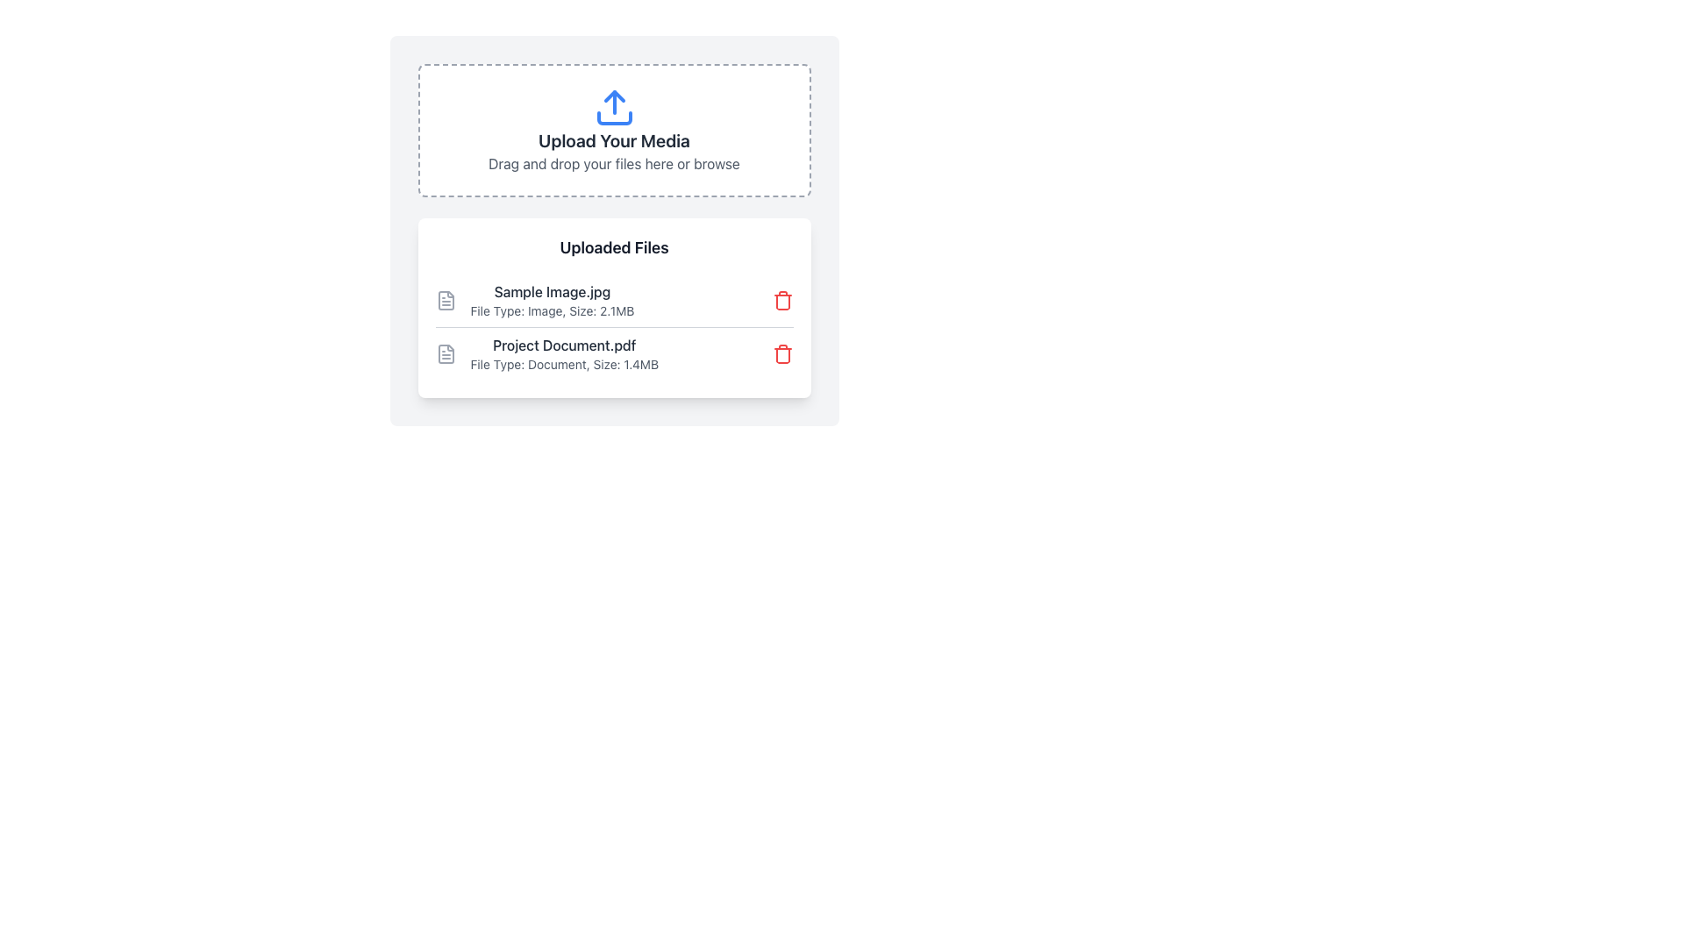 This screenshot has height=947, width=1684. What do you see at coordinates (551, 290) in the screenshot?
I see `the title label for the file 'Sample Image.jpg' in the uploaded files list` at bounding box center [551, 290].